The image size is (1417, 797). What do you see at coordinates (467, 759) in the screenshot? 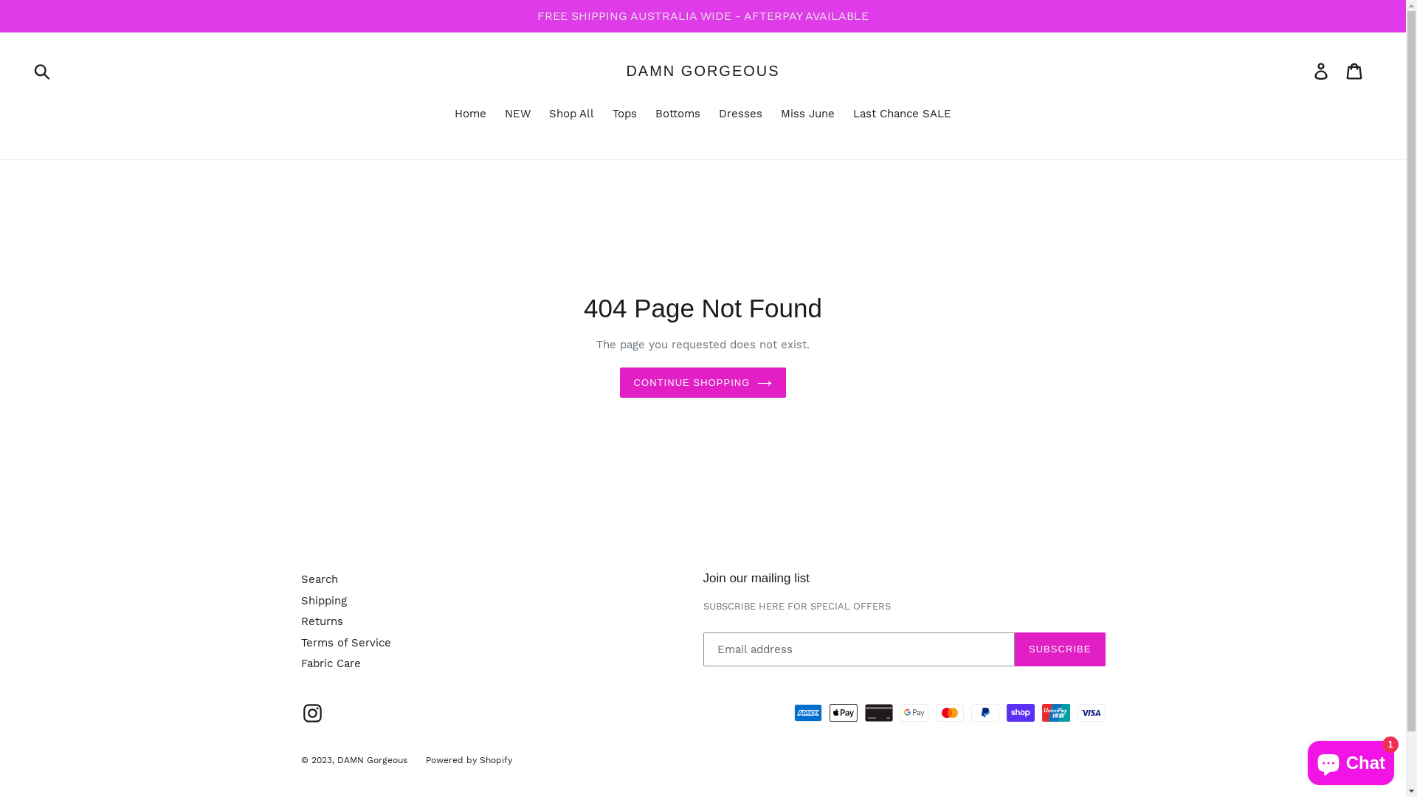
I see `'Powered by Shopify'` at bounding box center [467, 759].